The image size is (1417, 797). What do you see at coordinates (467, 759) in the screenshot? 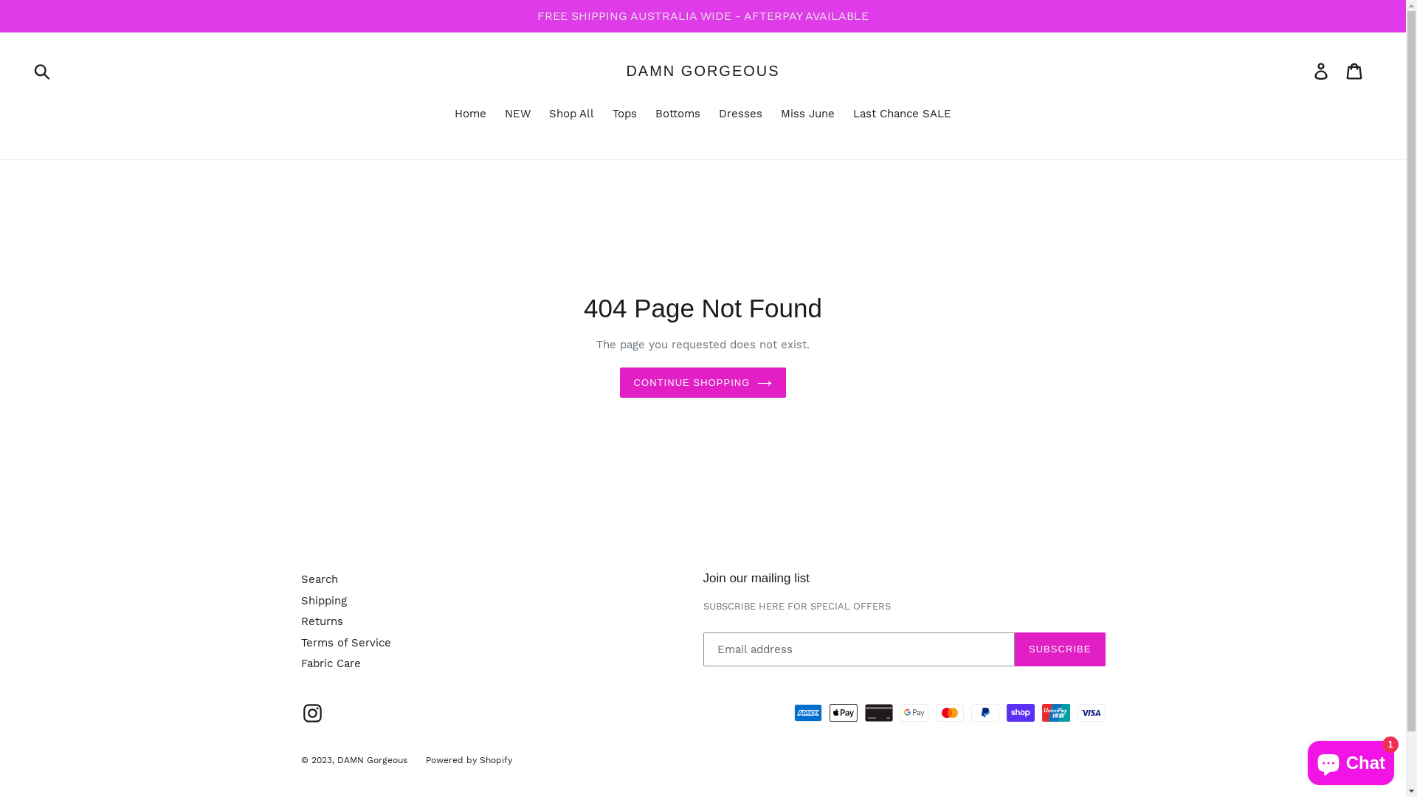
I see `'Powered by Shopify'` at bounding box center [467, 759].